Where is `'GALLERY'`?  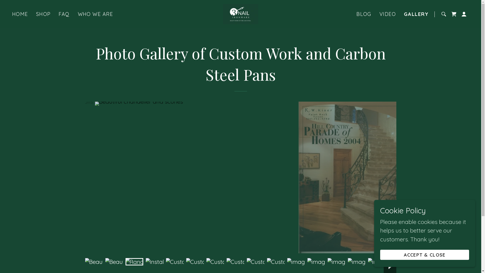 'GALLERY' is located at coordinates (403, 14).